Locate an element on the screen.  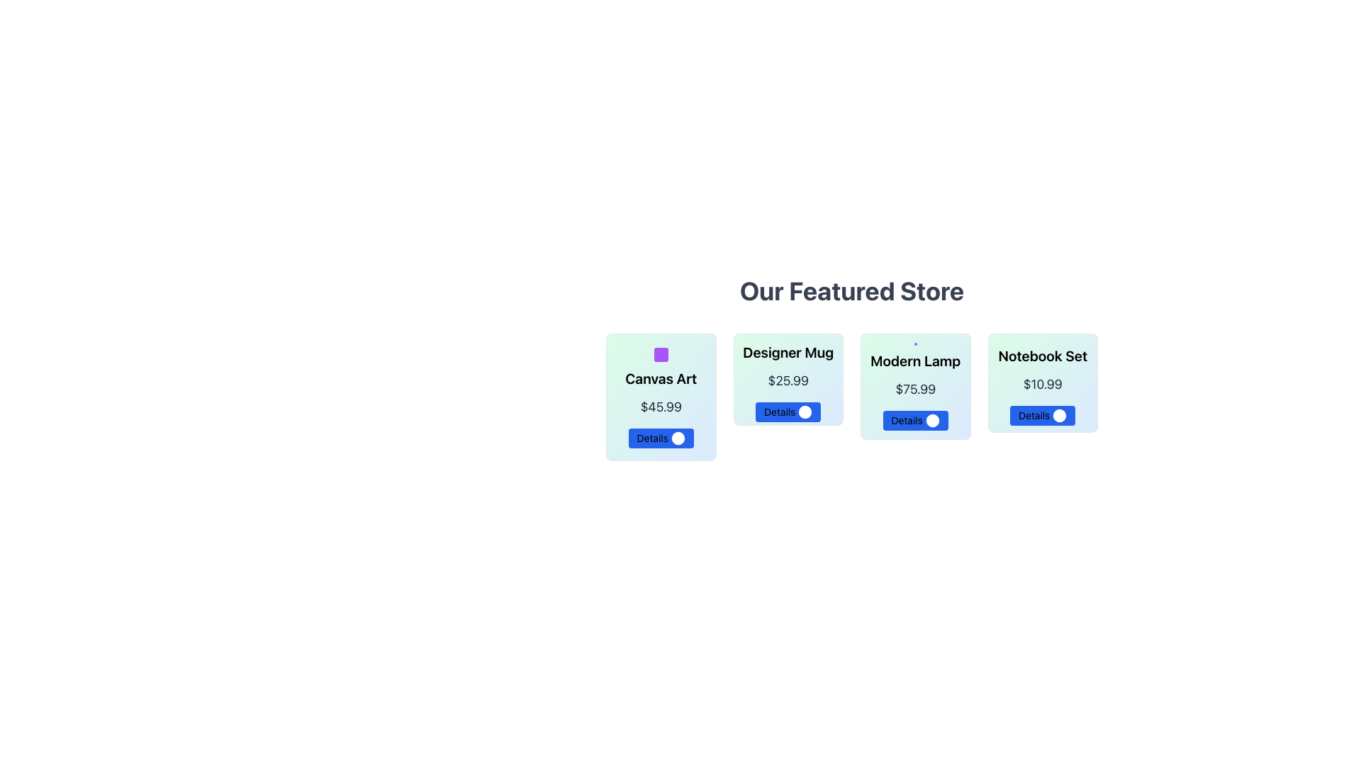
the central circular part of the icon related to the 'details' button for the 'Modern Lamp' item in the grid of featured products is located at coordinates (932, 420).